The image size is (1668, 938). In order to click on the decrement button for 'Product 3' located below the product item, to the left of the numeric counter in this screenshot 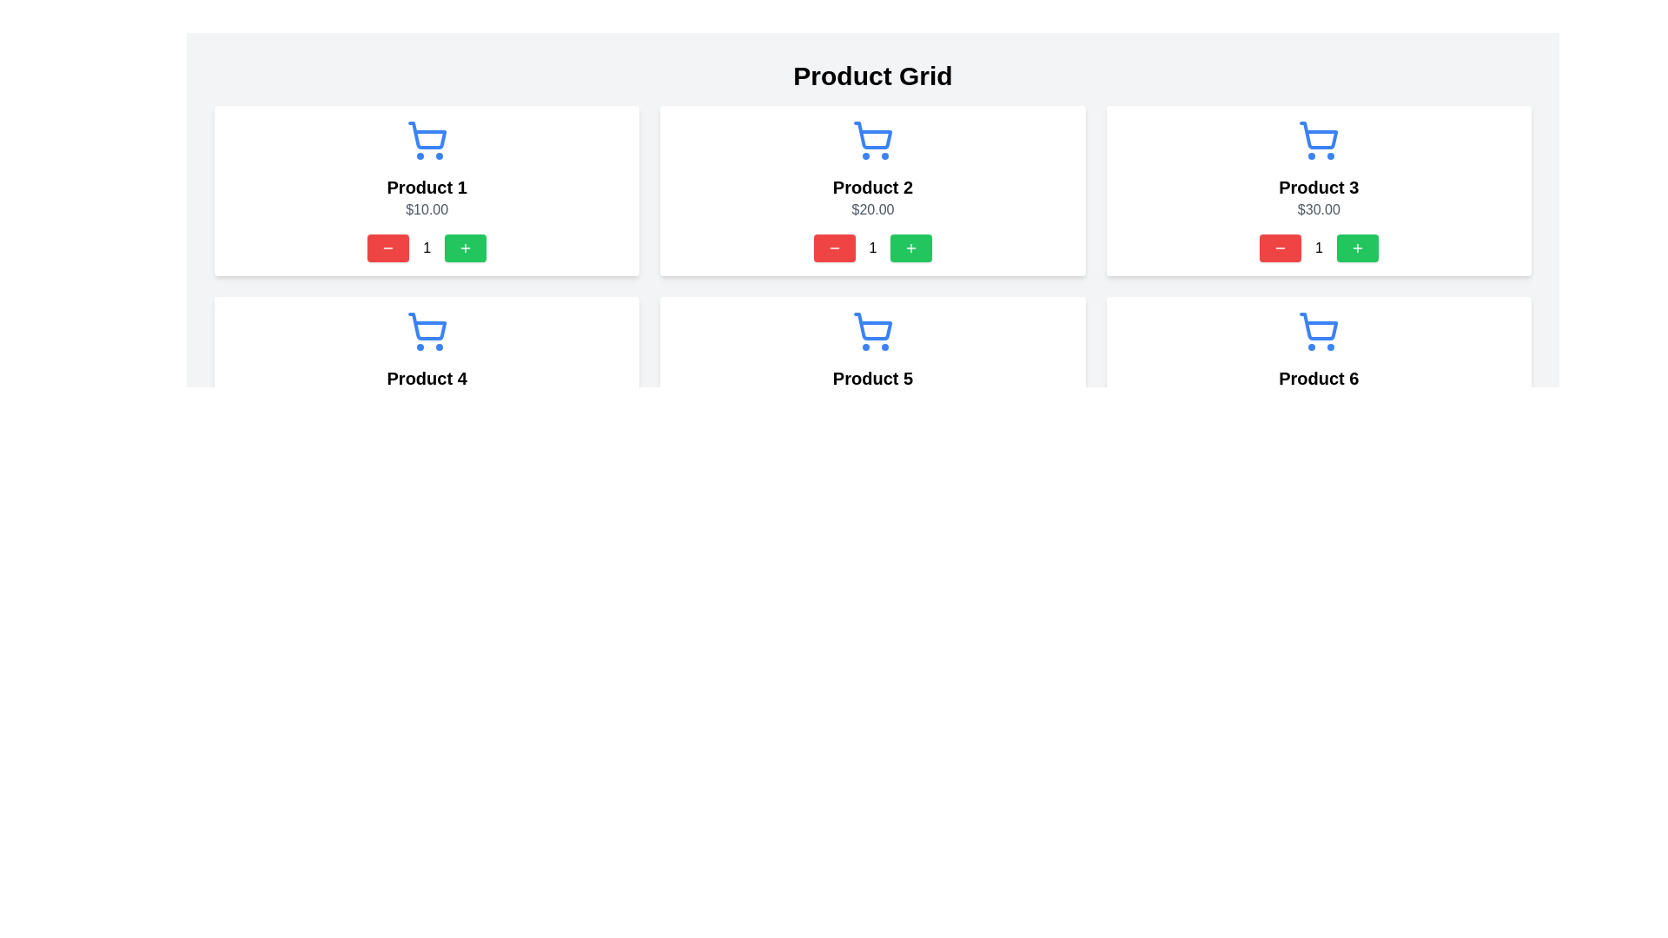, I will do `click(1280, 248)`.